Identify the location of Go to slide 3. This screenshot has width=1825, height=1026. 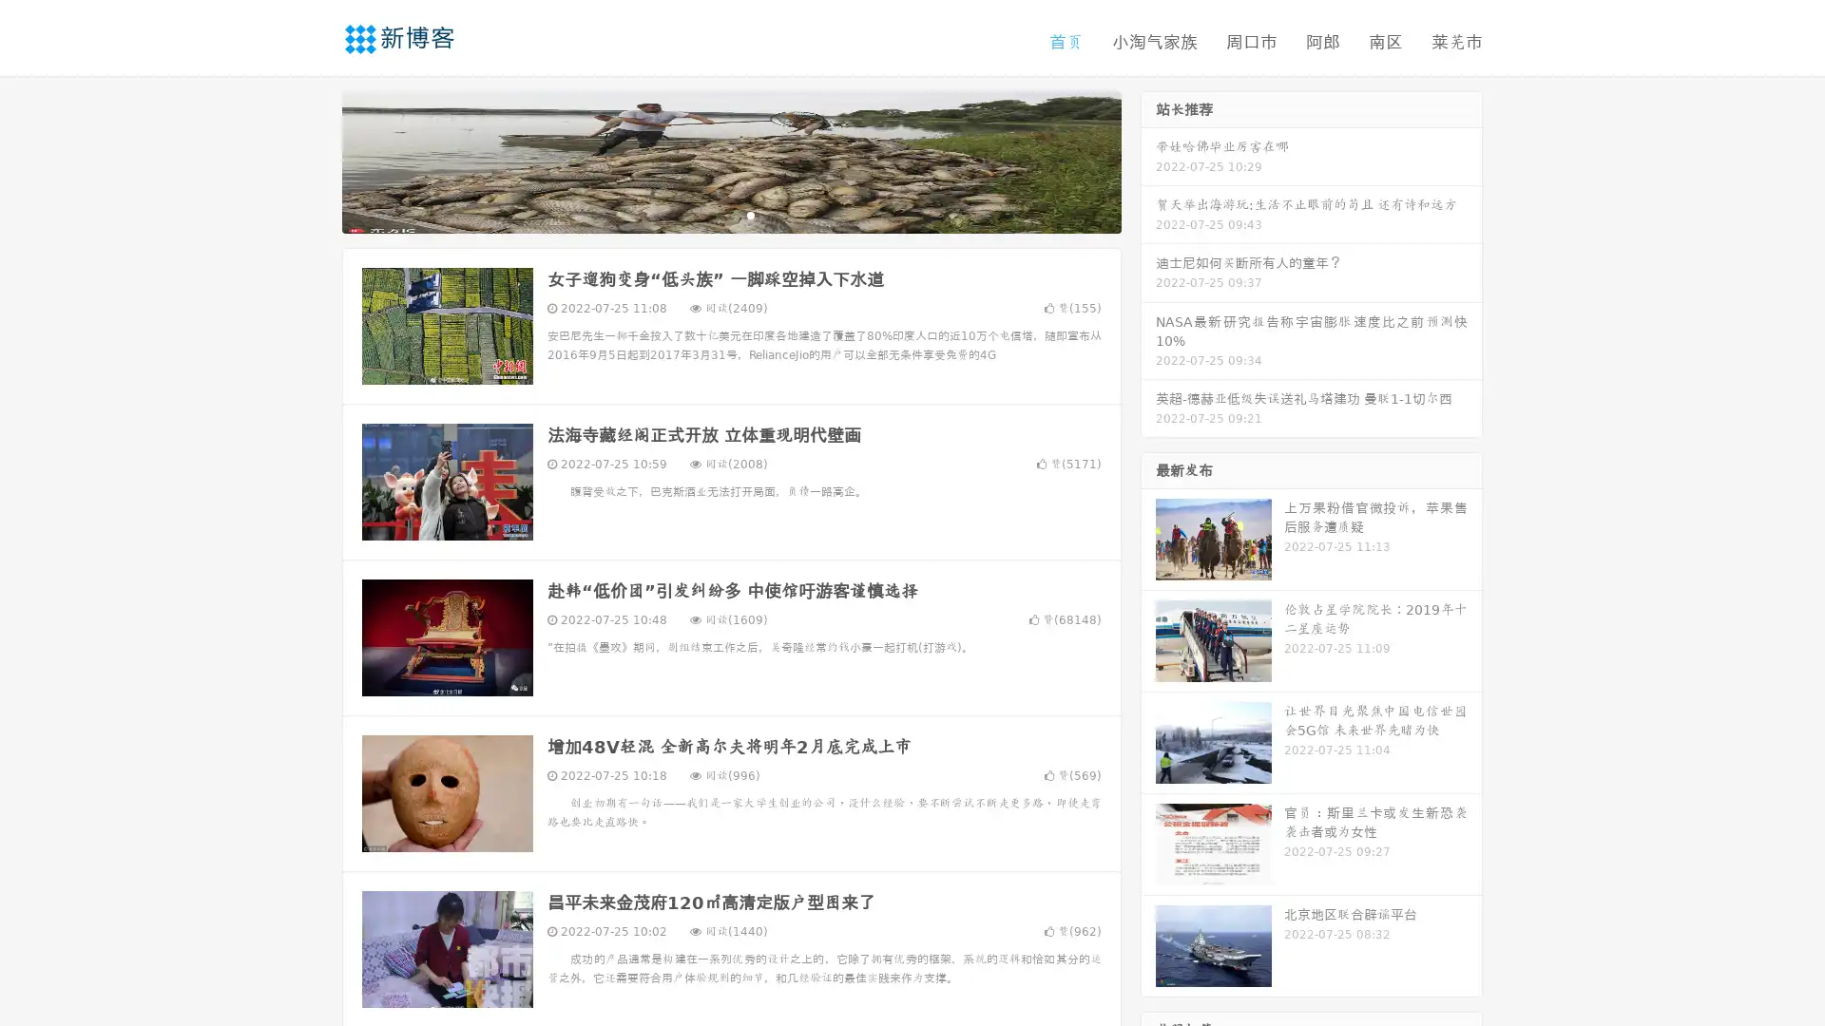
(750, 214).